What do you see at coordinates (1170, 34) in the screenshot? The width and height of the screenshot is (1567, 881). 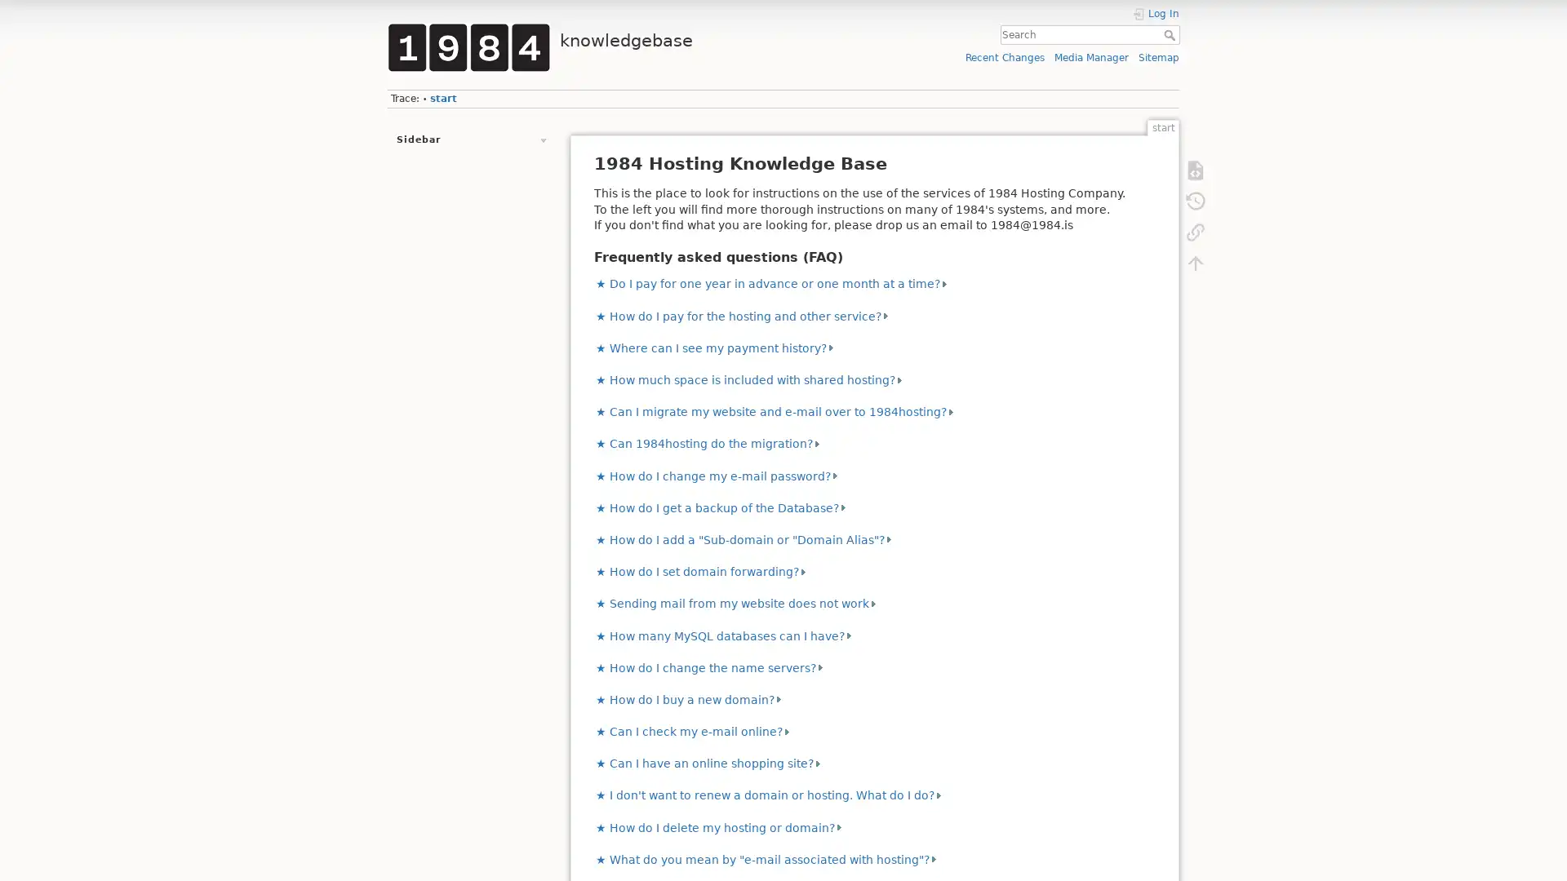 I see `Search` at bounding box center [1170, 34].